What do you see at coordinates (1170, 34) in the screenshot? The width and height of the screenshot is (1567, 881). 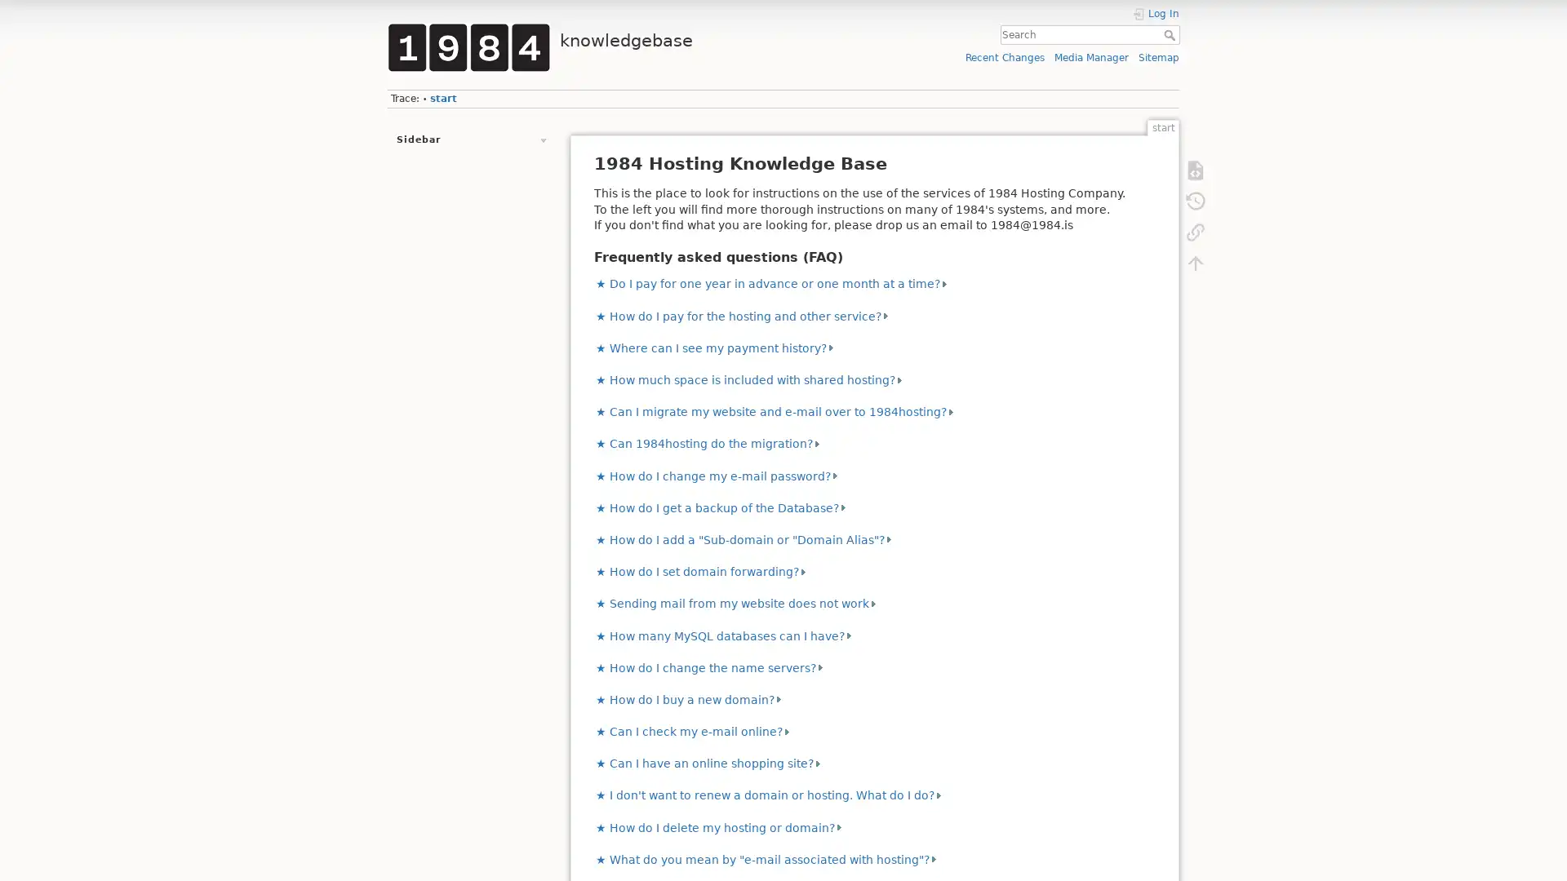 I see `Search` at bounding box center [1170, 34].